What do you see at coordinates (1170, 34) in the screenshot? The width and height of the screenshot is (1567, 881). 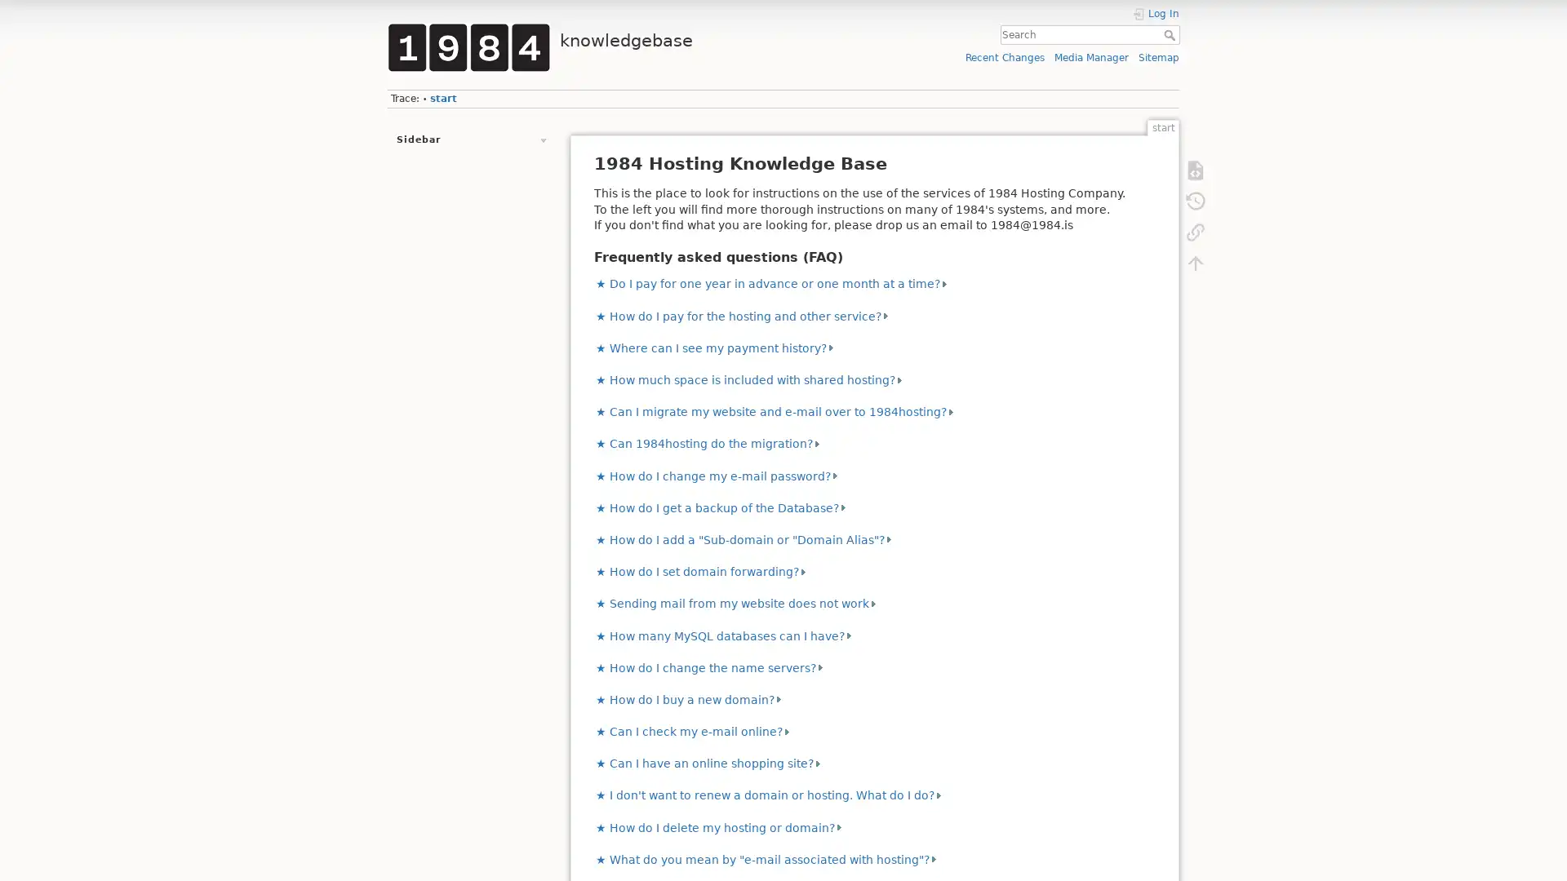 I see `Search` at bounding box center [1170, 34].